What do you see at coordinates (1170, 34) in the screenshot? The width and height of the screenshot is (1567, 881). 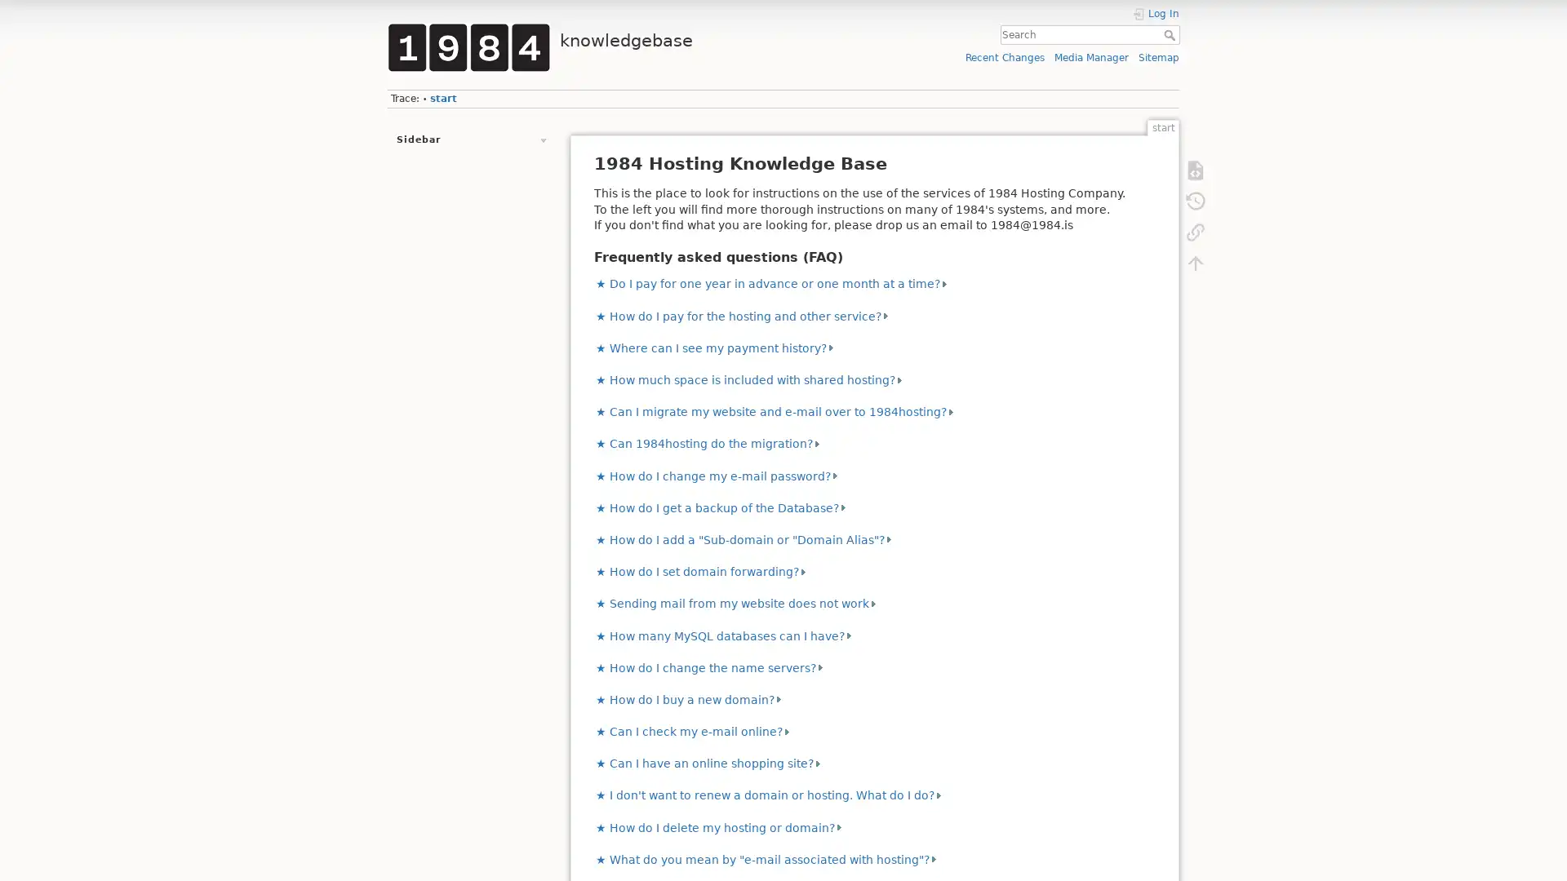 I see `Search` at bounding box center [1170, 34].